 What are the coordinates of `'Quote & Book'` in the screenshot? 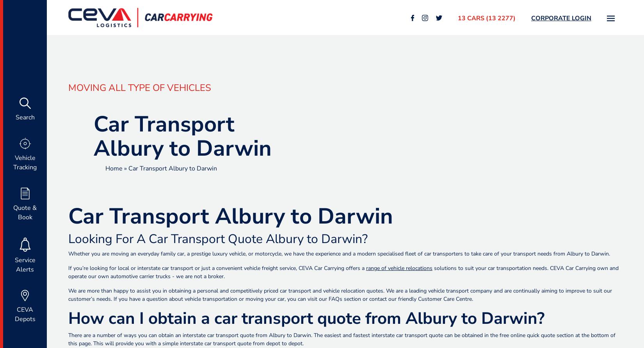 It's located at (25, 213).